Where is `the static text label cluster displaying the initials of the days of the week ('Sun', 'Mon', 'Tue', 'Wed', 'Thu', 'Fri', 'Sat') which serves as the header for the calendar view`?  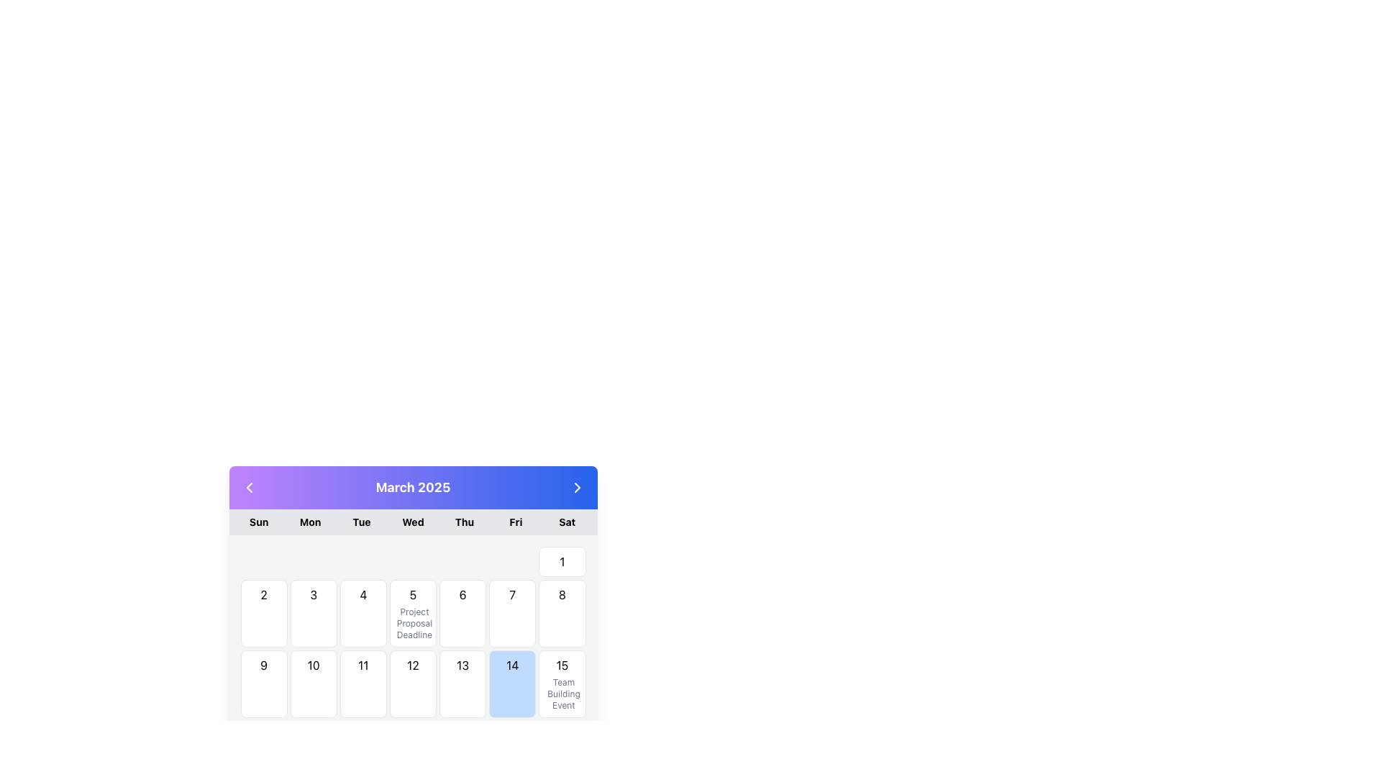
the static text label cluster displaying the initials of the days of the week ('Sun', 'Mon', 'Tue', 'Wed', 'Thu', 'Fri', 'Sat') which serves as the header for the calendar view is located at coordinates (412, 522).